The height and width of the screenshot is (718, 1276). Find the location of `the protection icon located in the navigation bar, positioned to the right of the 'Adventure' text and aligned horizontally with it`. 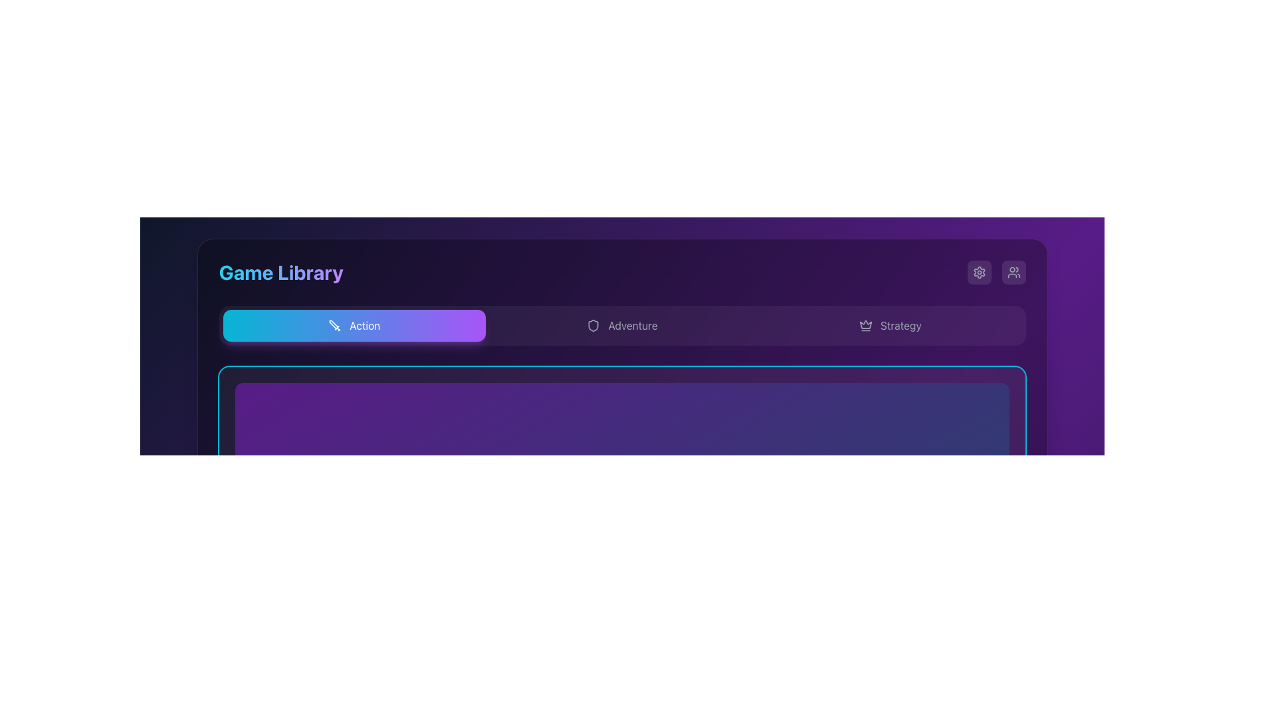

the protection icon located in the navigation bar, positioned to the right of the 'Adventure' text and aligned horizontally with it is located at coordinates (593, 325).